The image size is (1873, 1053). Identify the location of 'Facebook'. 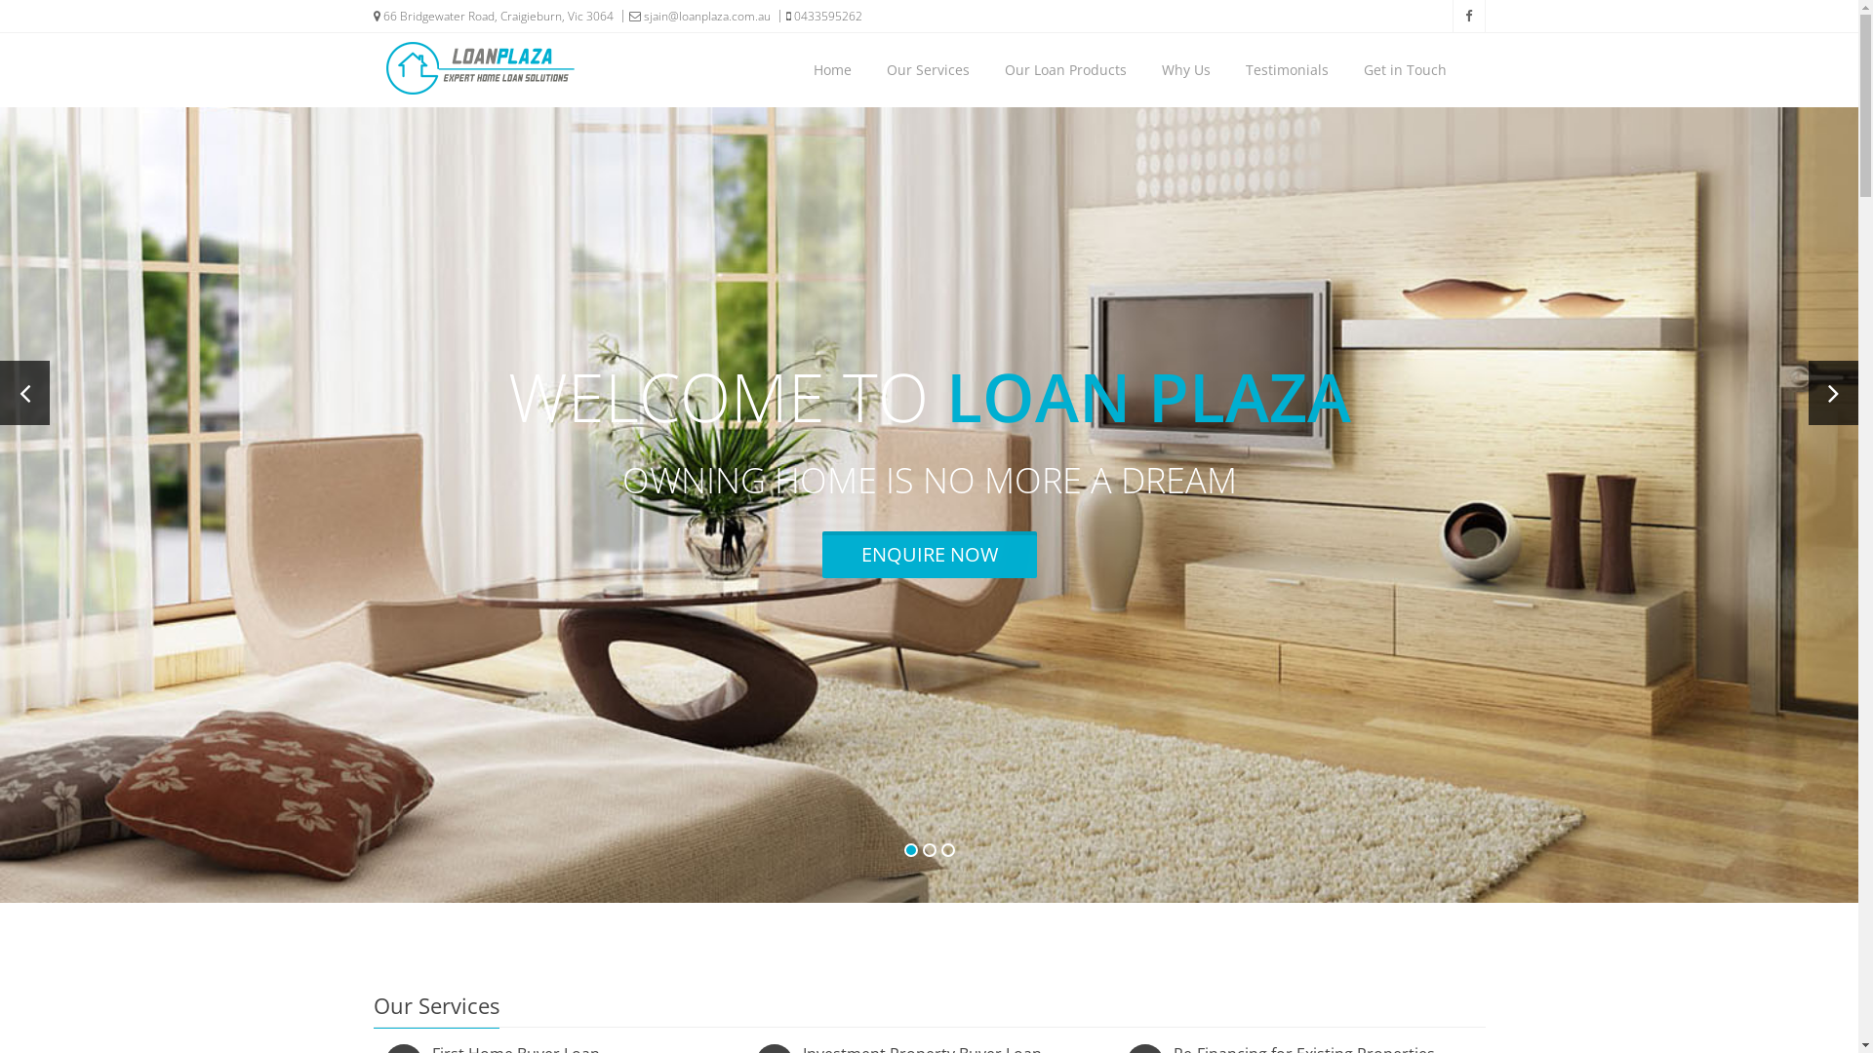
(1468, 16).